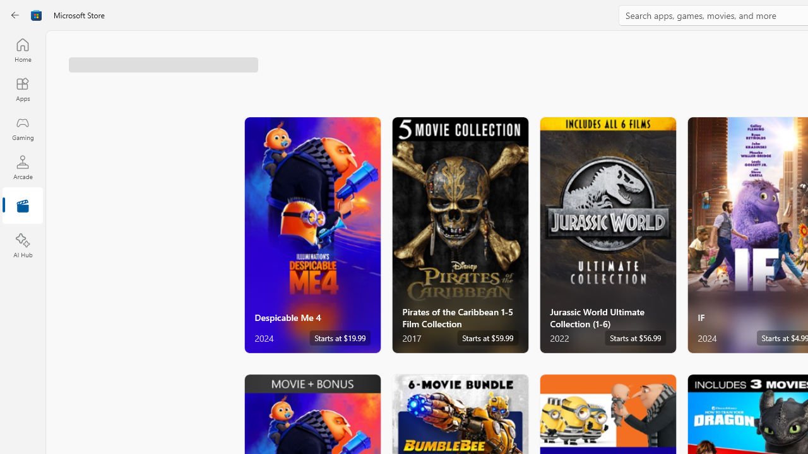  What do you see at coordinates (22, 128) in the screenshot?
I see `'Gaming'` at bounding box center [22, 128].